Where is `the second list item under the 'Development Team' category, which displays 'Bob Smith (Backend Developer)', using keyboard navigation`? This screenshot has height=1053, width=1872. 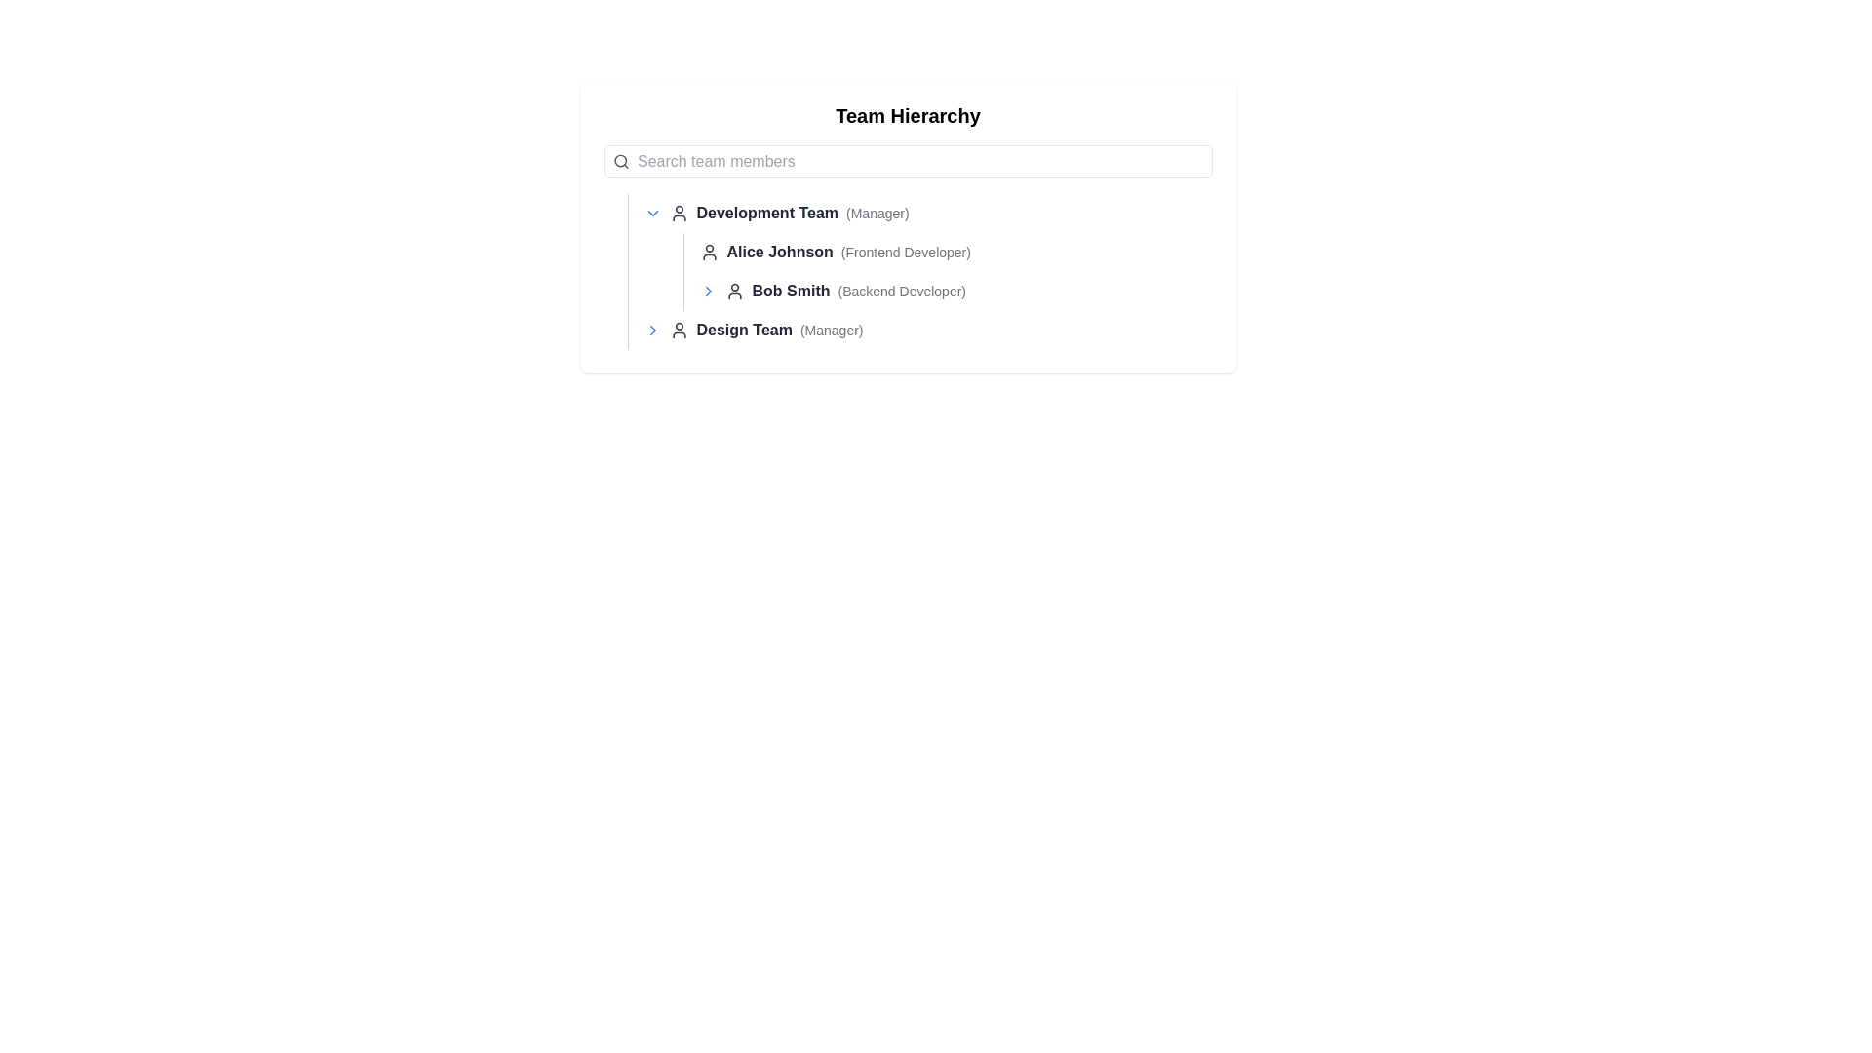
the second list item under the 'Development Team' category, which displays 'Bob Smith (Backend Developer)', using keyboard navigation is located at coordinates (918, 271).